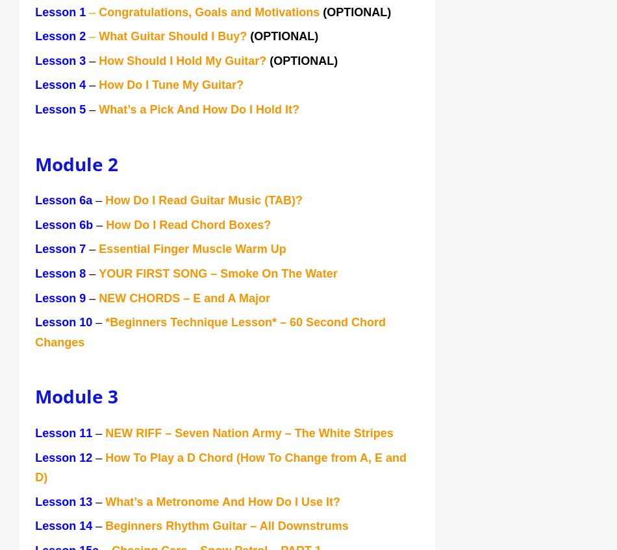  I want to click on 'Lesson 7', so click(62, 250).